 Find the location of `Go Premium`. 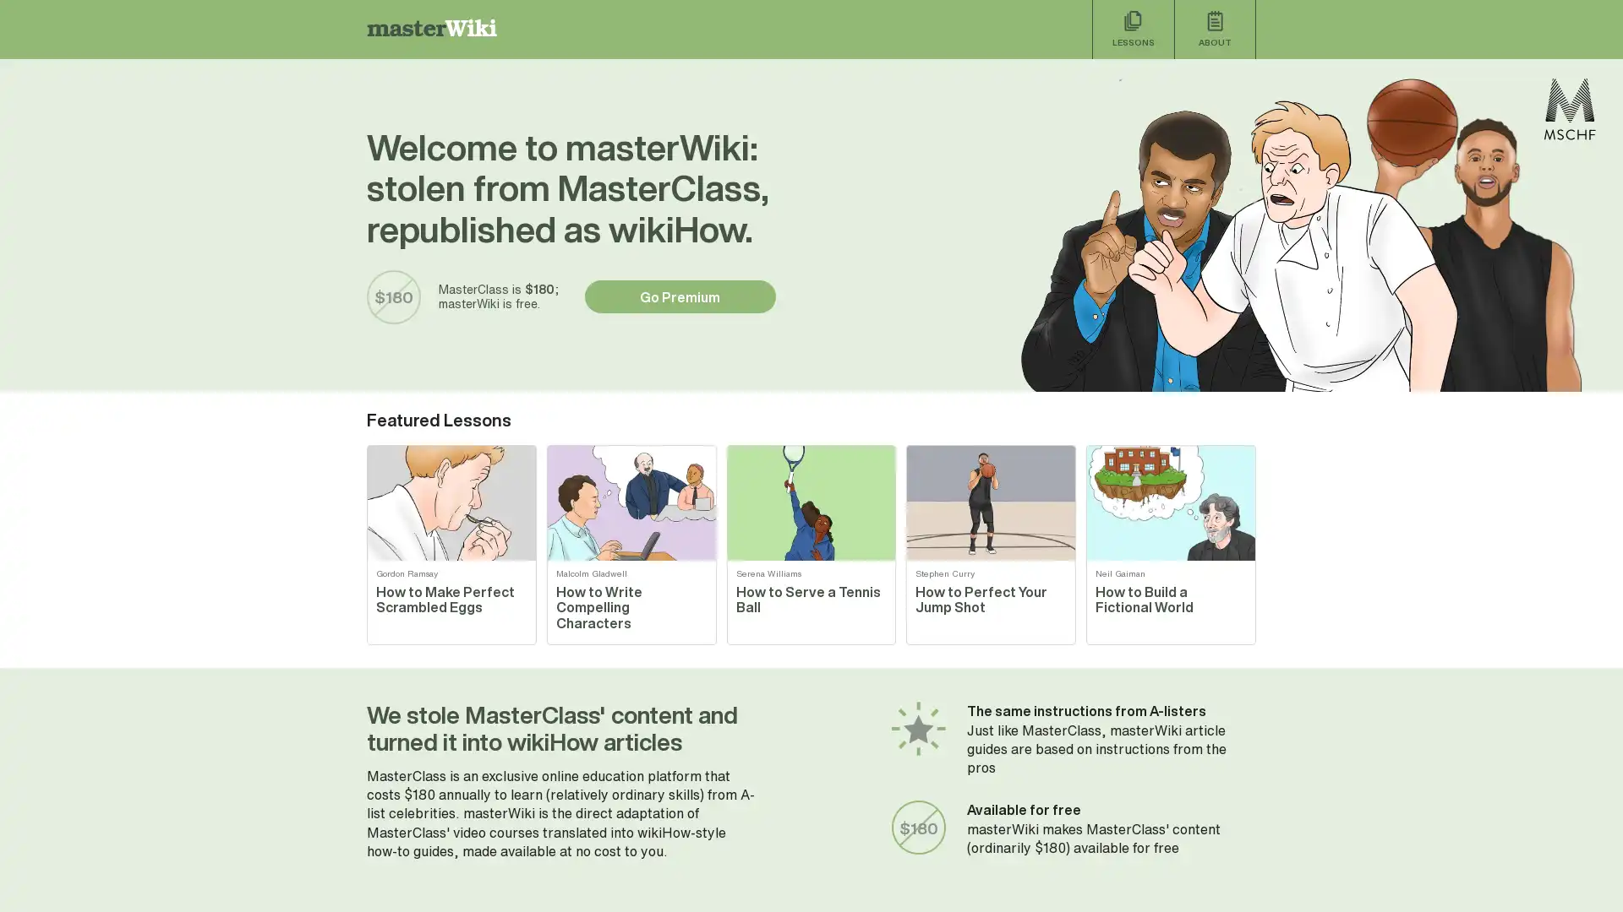

Go Premium is located at coordinates (680, 296).